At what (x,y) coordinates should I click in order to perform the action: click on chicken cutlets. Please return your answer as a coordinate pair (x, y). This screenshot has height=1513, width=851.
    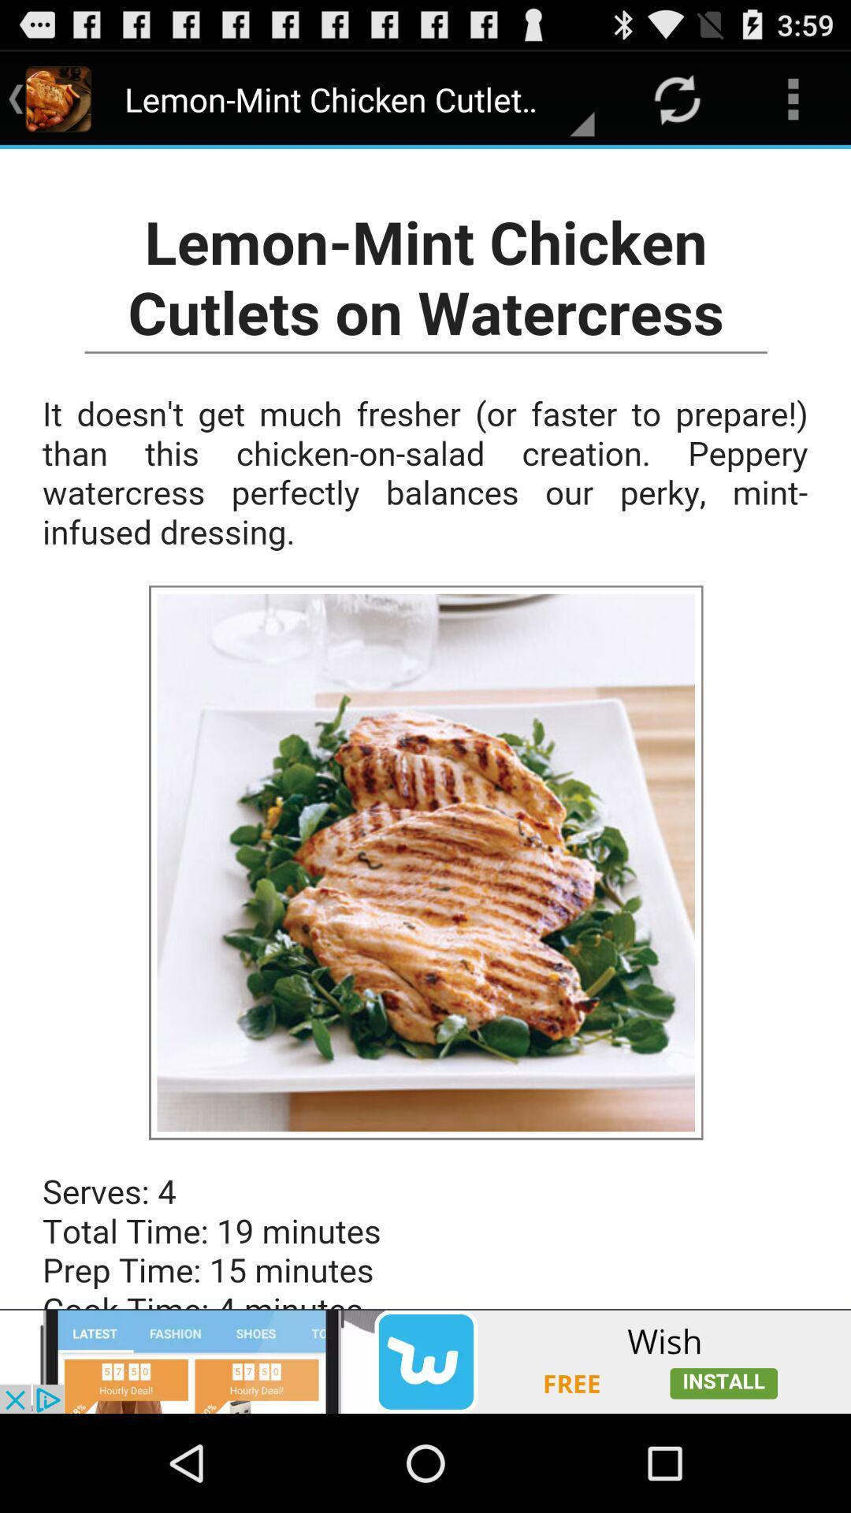
    Looking at the image, I should click on (425, 728).